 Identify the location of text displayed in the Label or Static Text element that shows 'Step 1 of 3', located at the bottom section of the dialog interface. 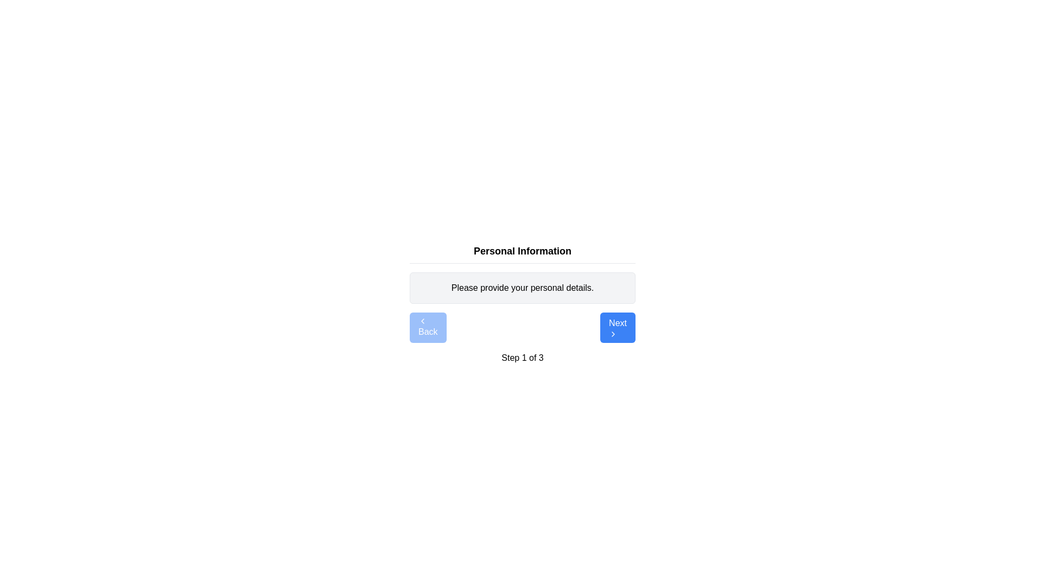
(523, 358).